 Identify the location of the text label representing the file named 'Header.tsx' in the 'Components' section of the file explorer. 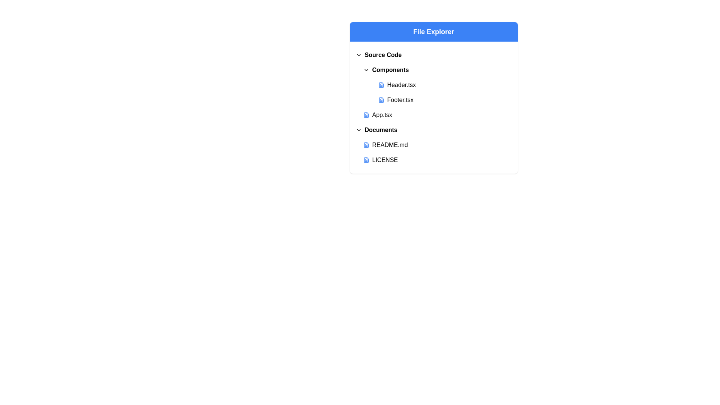
(401, 85).